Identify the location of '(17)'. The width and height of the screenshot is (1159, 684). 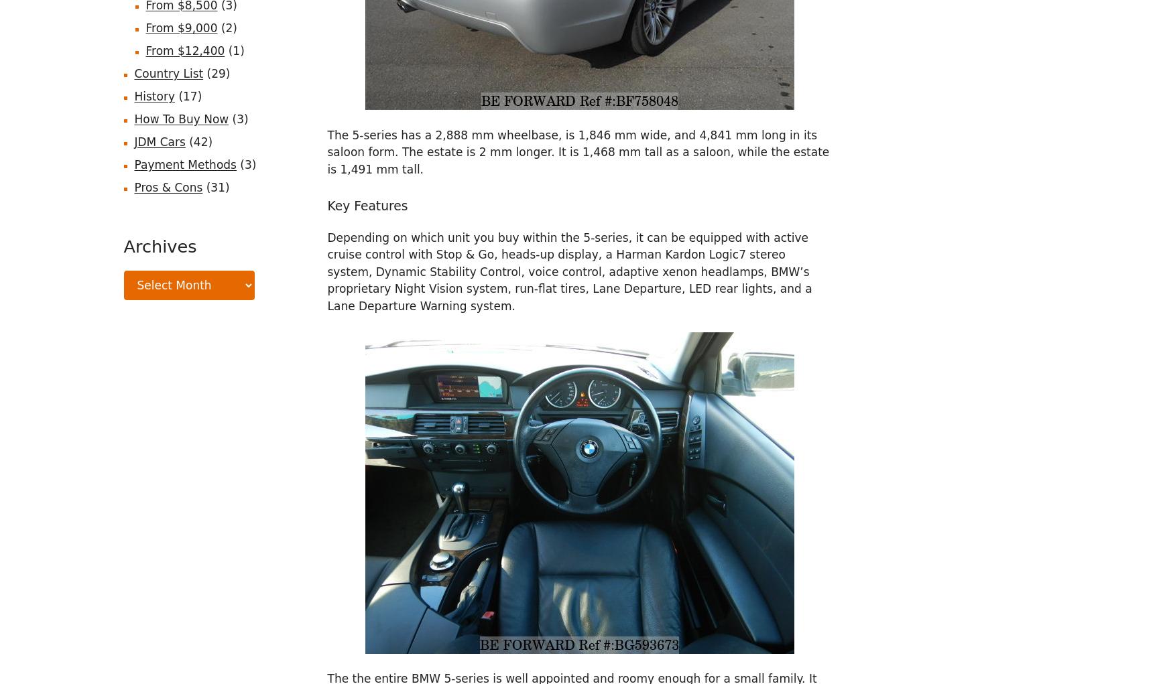
(188, 96).